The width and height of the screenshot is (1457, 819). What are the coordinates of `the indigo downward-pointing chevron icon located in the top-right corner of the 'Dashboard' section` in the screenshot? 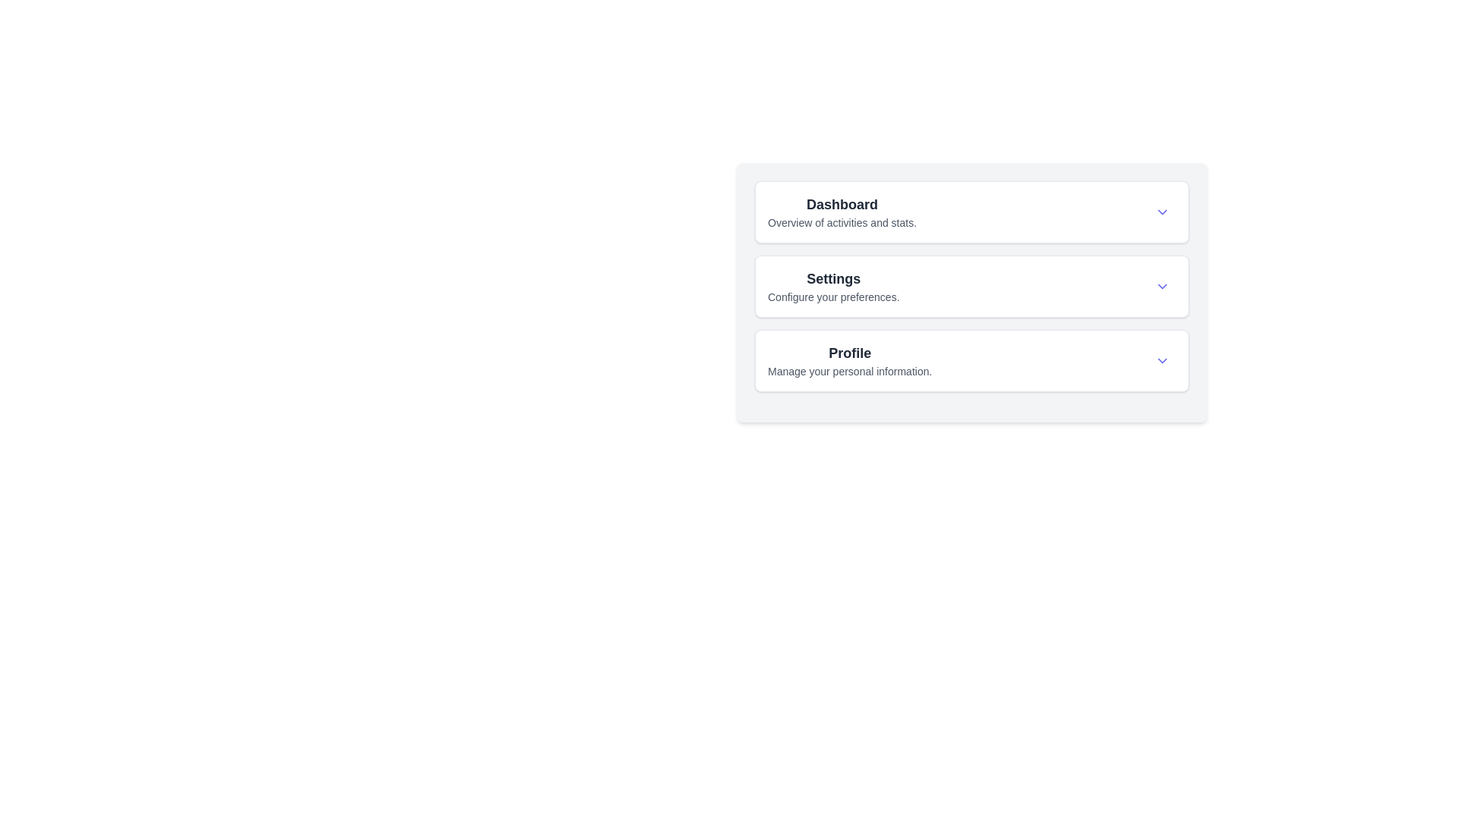 It's located at (1161, 212).